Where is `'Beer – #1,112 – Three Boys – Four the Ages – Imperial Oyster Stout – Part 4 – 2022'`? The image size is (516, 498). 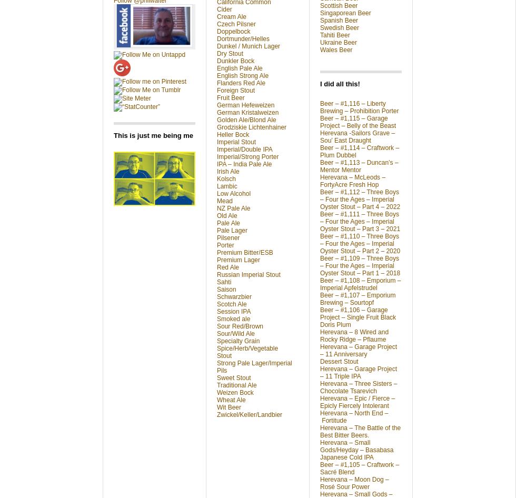 'Beer – #1,112 – Three Boys – Four the Ages – Imperial Oyster Stout – Part 4 – 2022' is located at coordinates (360, 199).